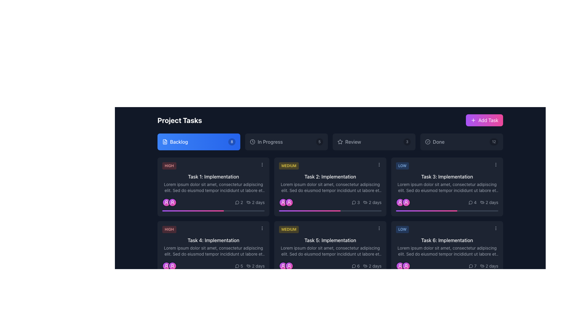  Describe the element at coordinates (289, 166) in the screenshot. I see `the 'MEDIUM' text label, which is a small, bold label with a translucent yellow background indicating task priority` at that location.